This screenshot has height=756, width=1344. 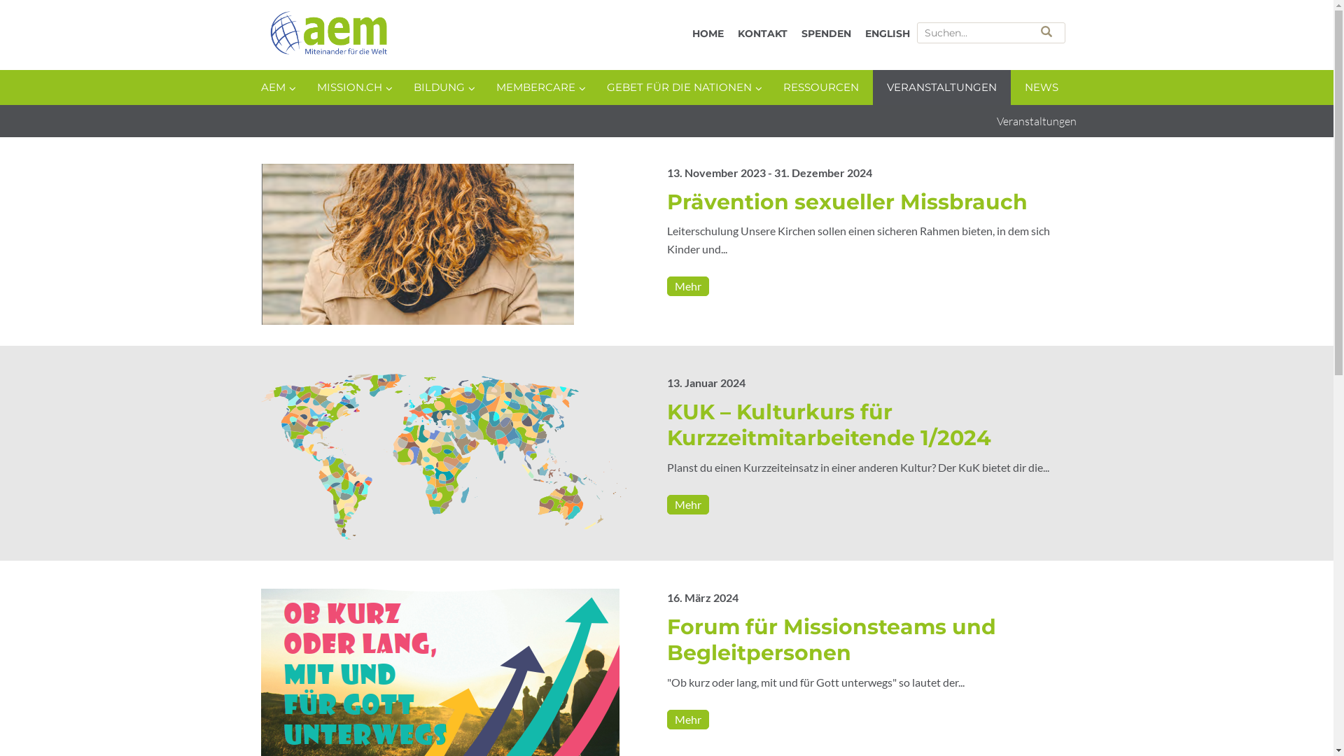 I want to click on 'HOME', so click(x=707, y=32).